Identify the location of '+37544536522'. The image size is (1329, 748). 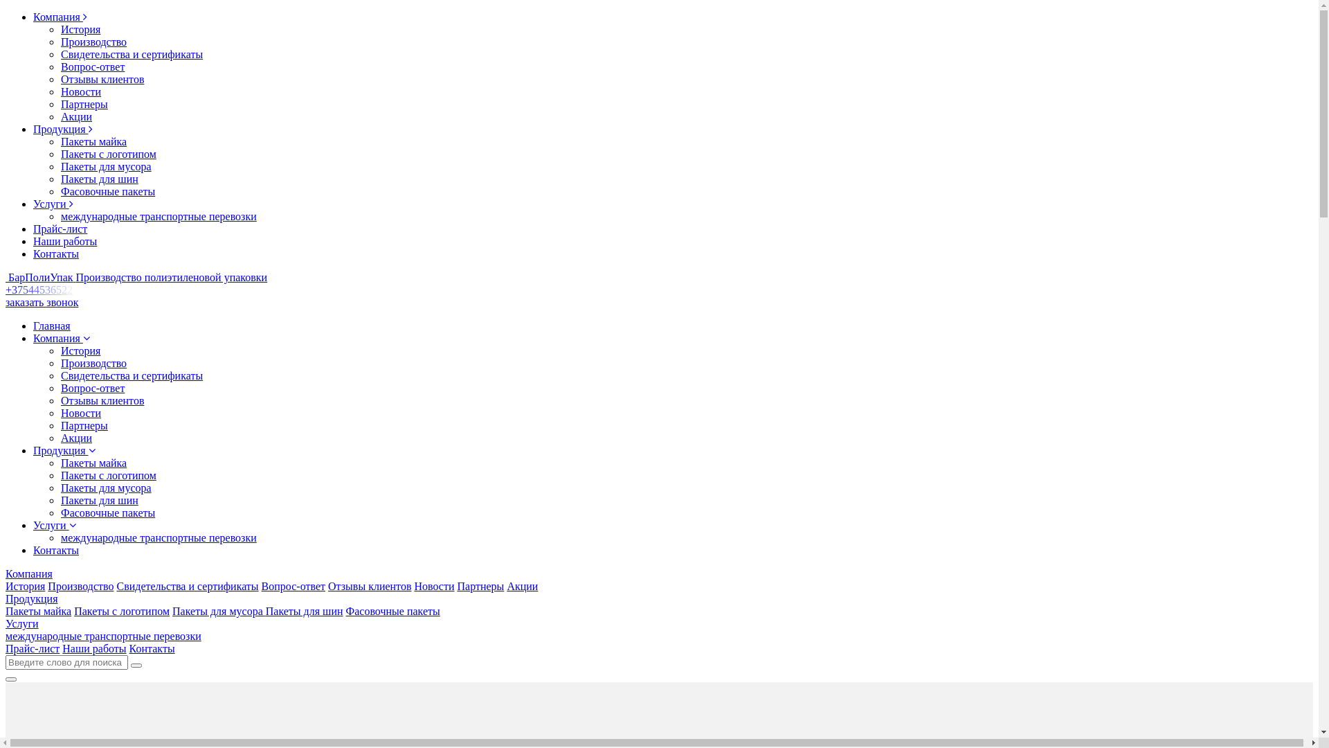
(42, 289).